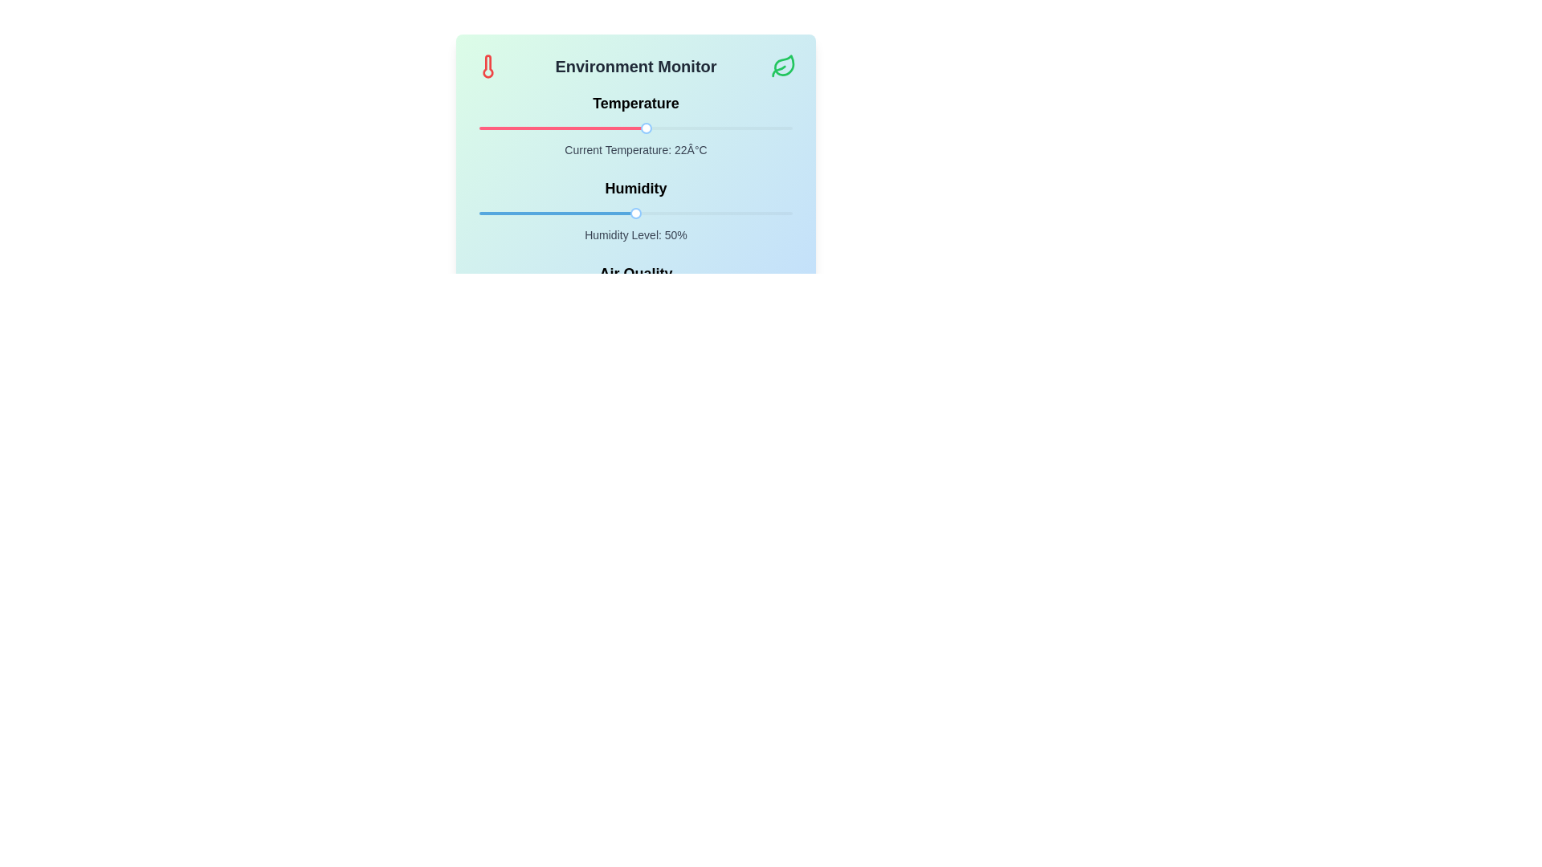 Image resolution: width=1542 pixels, height=867 pixels. Describe the element at coordinates (630, 127) in the screenshot. I see `the temperature slider` at that location.